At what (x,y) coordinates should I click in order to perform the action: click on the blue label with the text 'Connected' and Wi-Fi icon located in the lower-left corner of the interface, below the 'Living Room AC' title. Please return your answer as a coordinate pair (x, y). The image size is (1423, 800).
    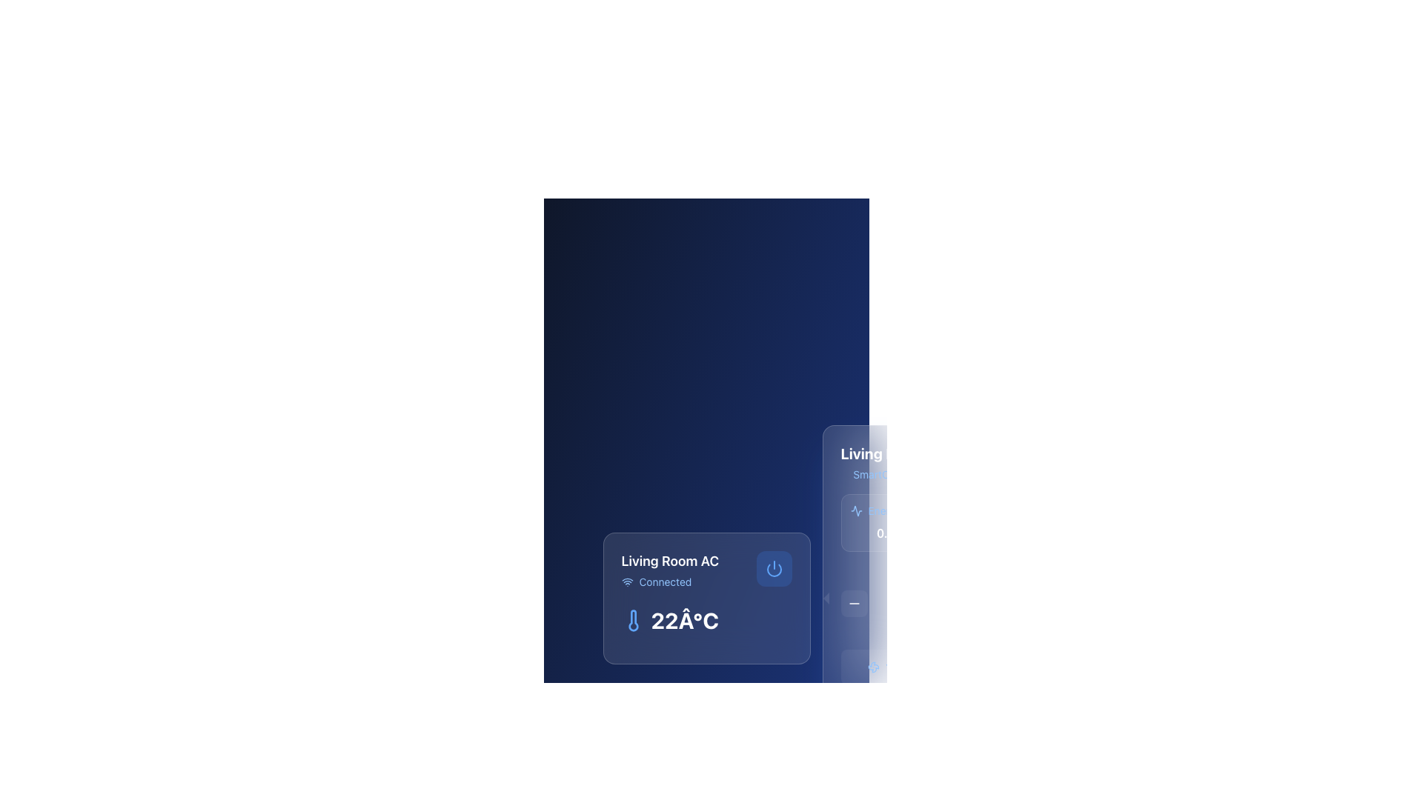
    Looking at the image, I should click on (669, 581).